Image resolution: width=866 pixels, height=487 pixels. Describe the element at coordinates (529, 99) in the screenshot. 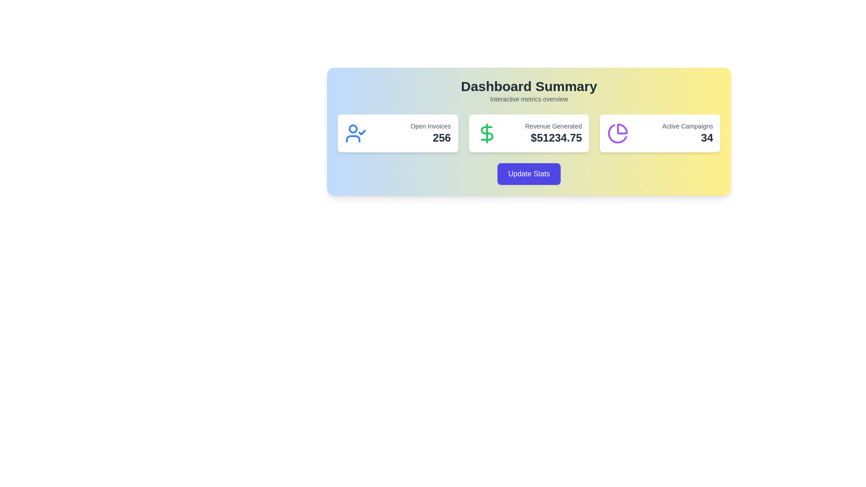

I see `the descriptive text label located beneath the 'Dashboard Summary' heading in the centered layout group` at that location.